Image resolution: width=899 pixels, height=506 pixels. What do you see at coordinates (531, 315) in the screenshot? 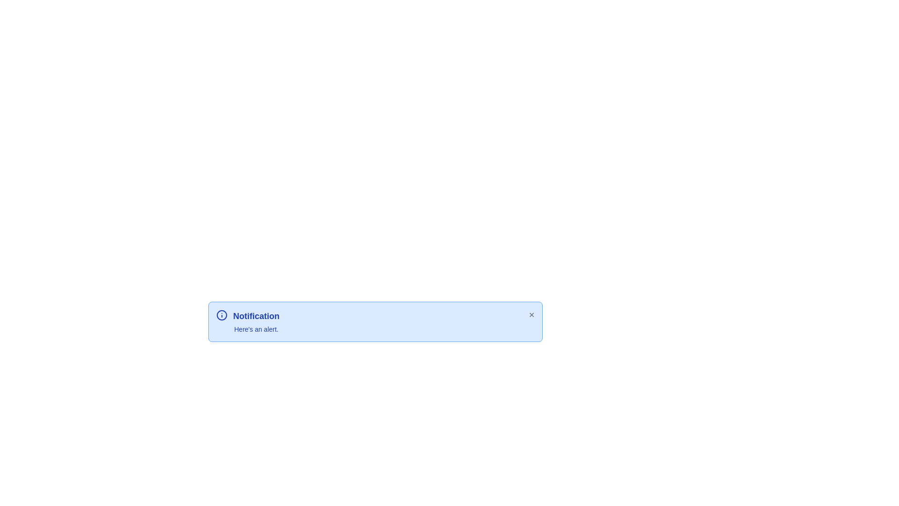
I see `the close button to dismiss the alert` at bounding box center [531, 315].